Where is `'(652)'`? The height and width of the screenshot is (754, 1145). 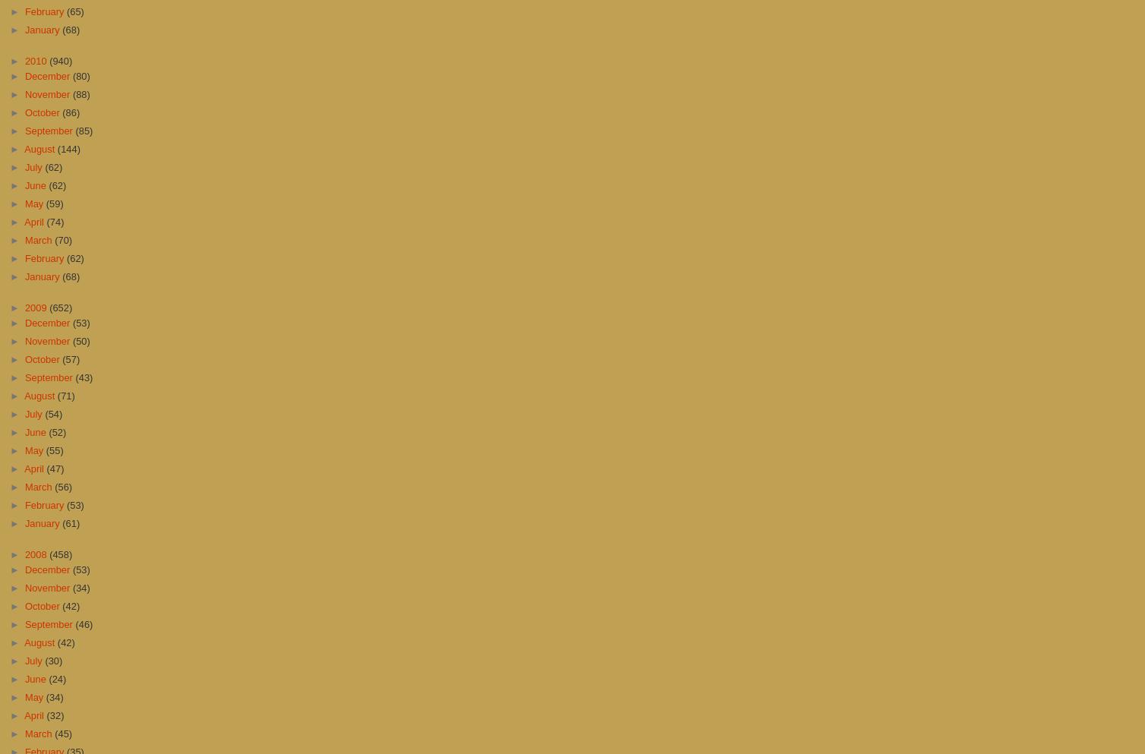
'(652)' is located at coordinates (49, 307).